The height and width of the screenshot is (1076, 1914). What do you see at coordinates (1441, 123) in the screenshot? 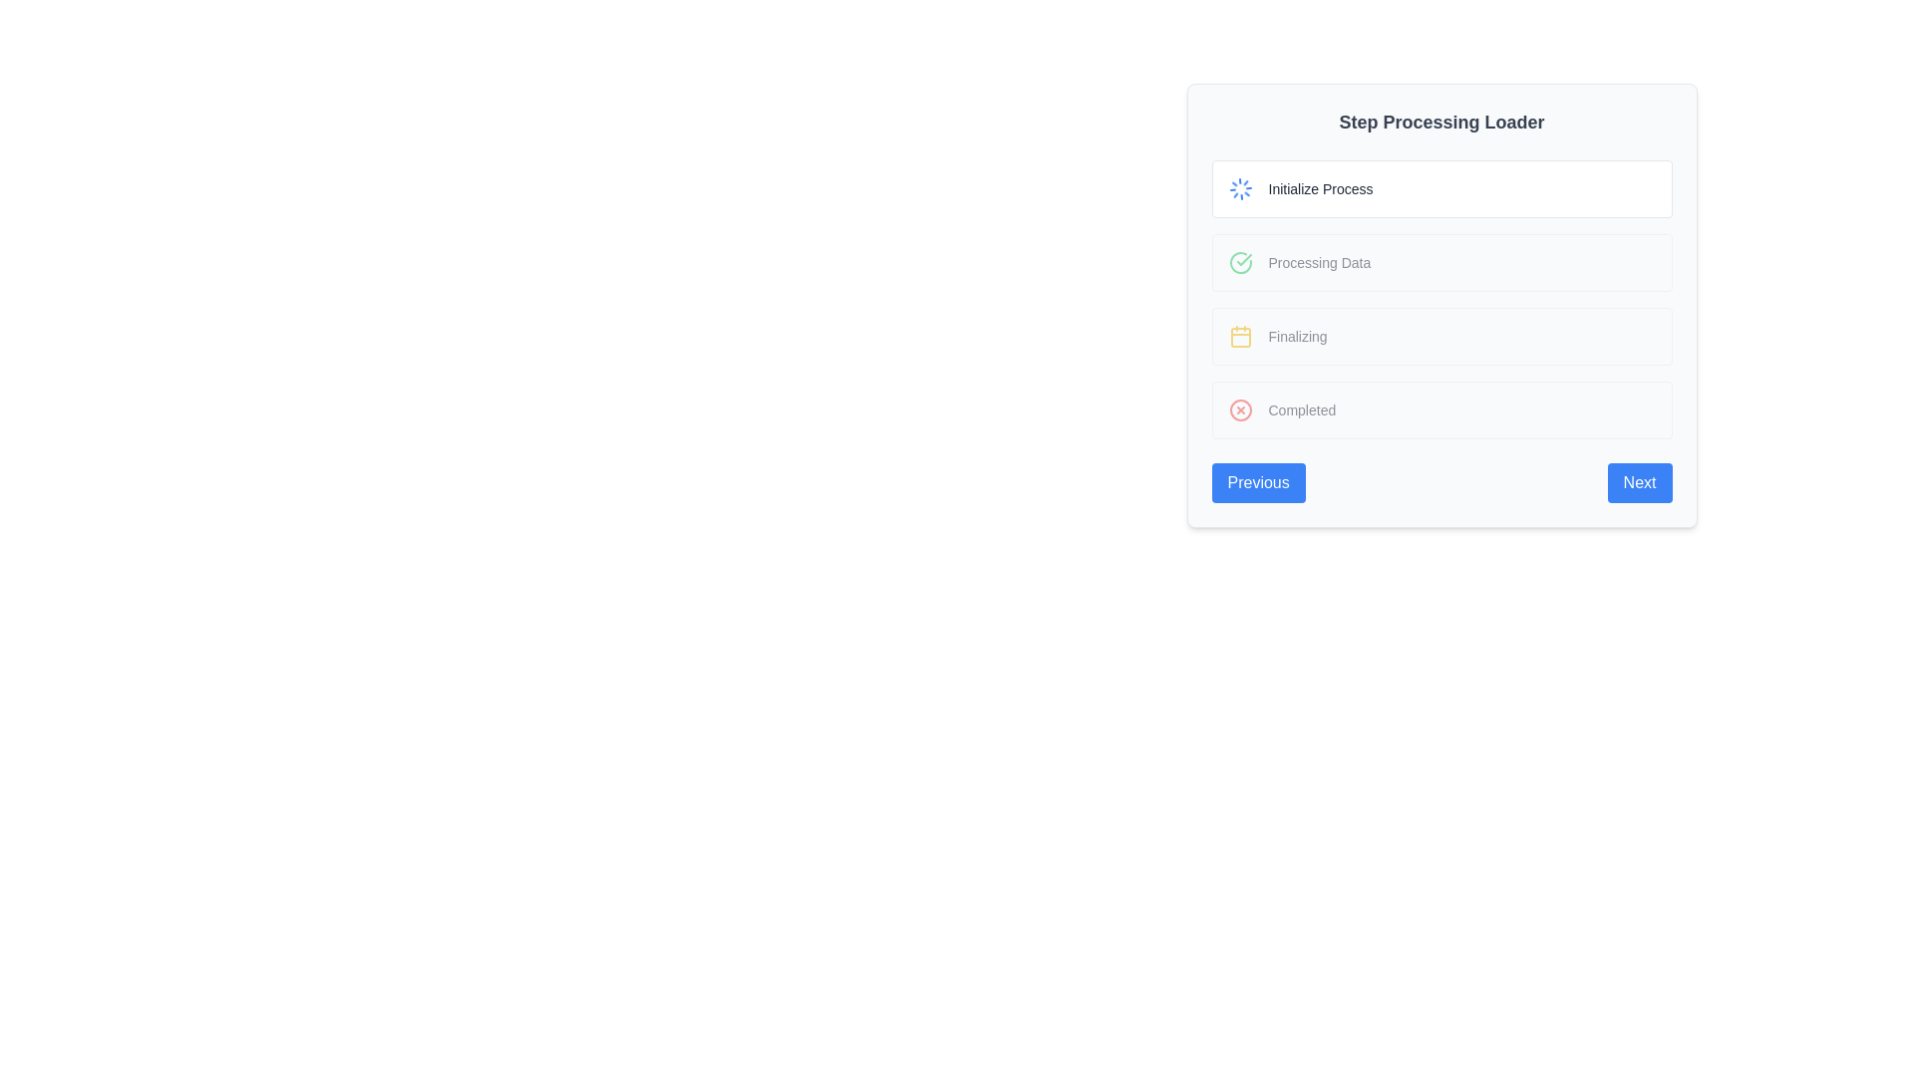
I see `the text label that reads 'Step Processing Loader', which is styled in bold gray font and positioned at the top of the step progression interface` at bounding box center [1441, 123].